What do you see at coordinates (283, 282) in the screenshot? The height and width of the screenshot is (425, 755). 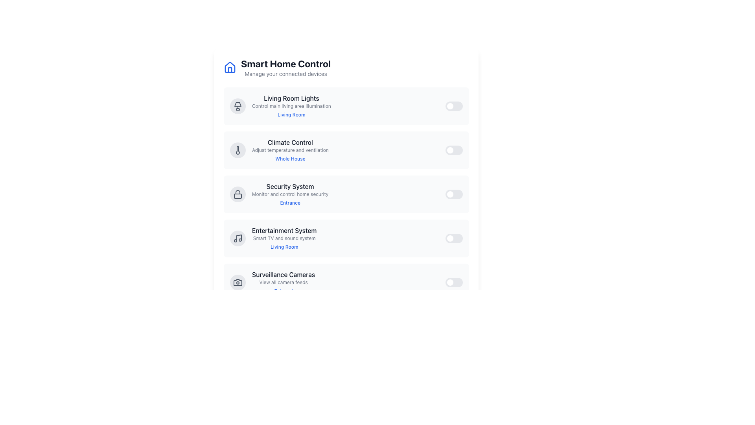 I see `the hyperlink labeled 'External' in the informative text block about surveillance cameras` at bounding box center [283, 282].